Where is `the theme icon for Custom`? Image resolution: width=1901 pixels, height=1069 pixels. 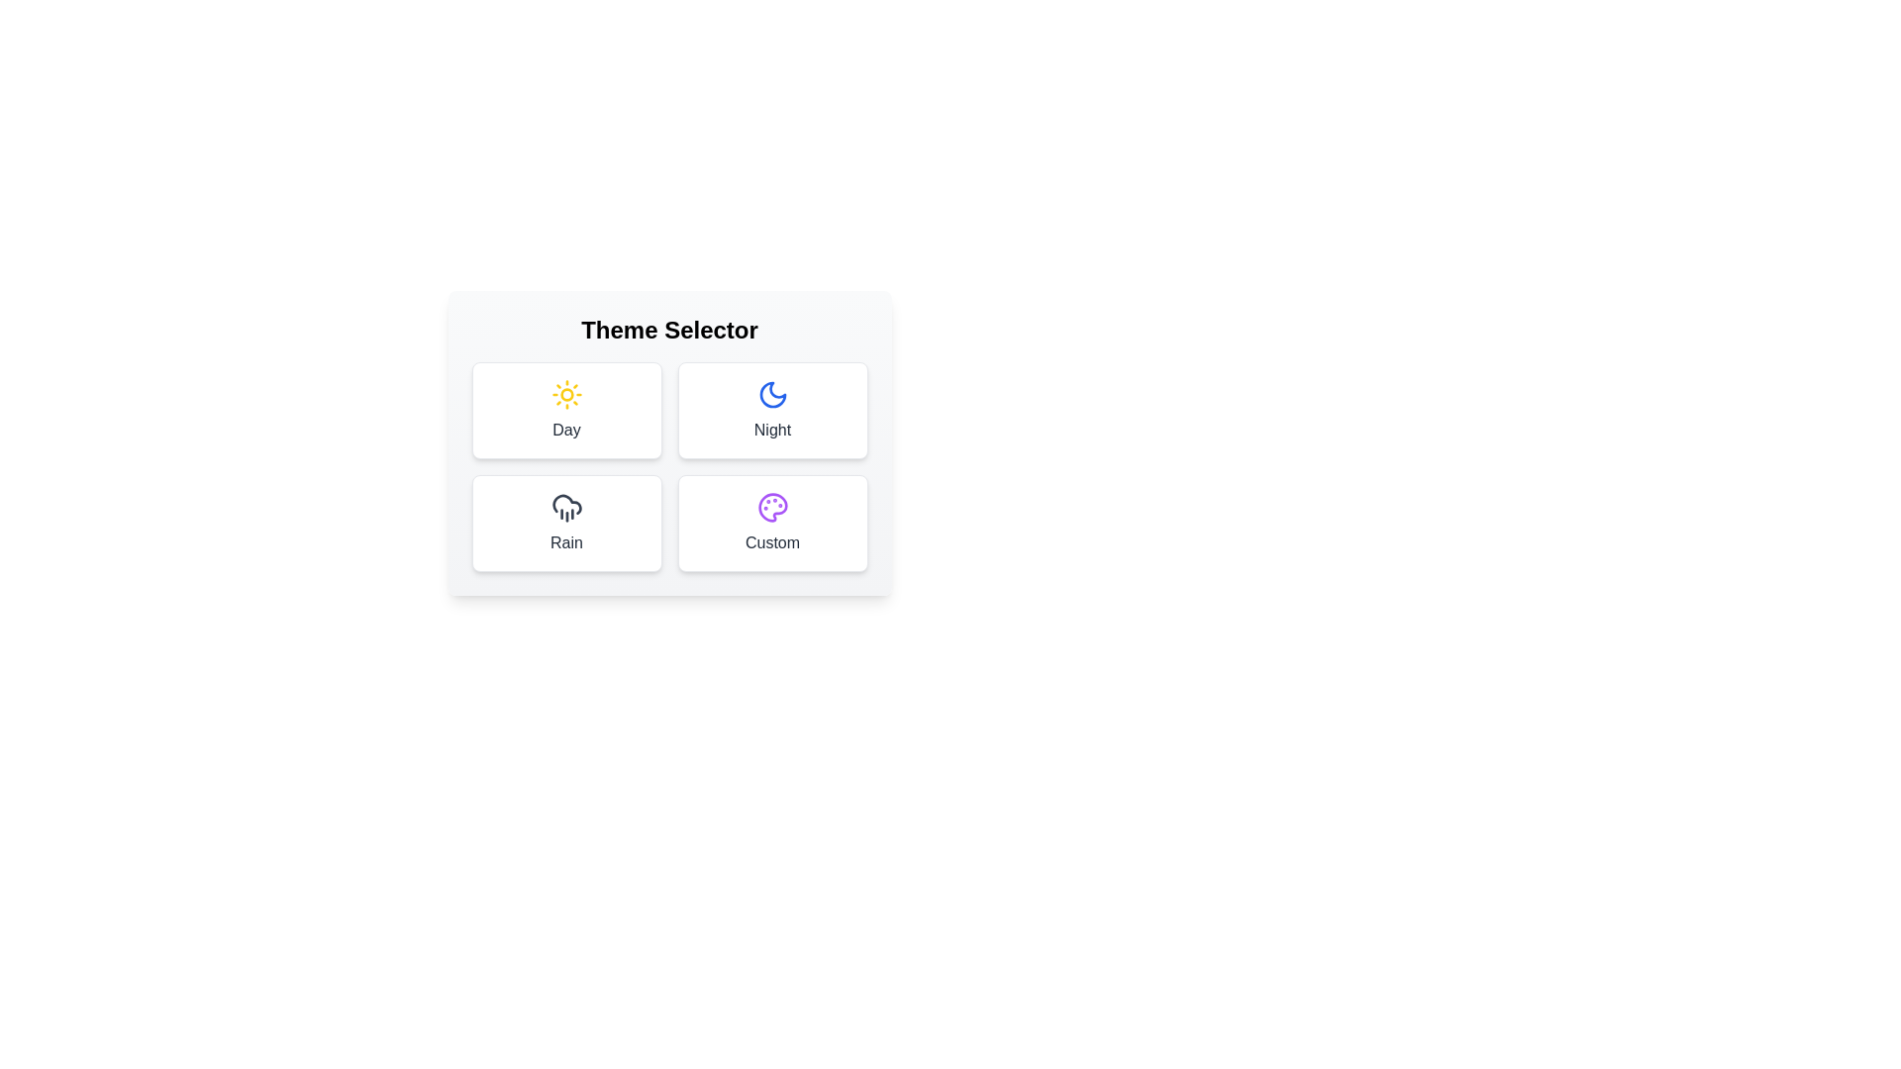 the theme icon for Custom is located at coordinates (771, 522).